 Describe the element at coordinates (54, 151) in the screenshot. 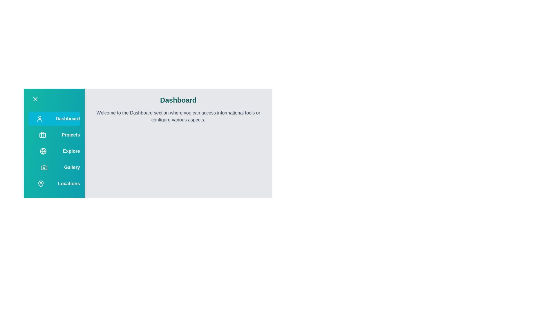

I see `the menu option Explore from the drawer` at that location.